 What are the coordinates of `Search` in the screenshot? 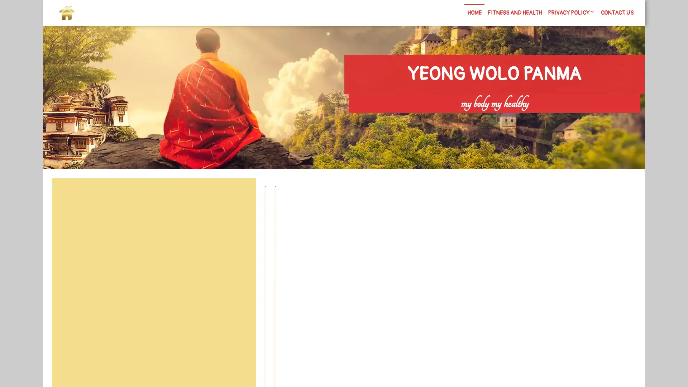 It's located at (558, 117).